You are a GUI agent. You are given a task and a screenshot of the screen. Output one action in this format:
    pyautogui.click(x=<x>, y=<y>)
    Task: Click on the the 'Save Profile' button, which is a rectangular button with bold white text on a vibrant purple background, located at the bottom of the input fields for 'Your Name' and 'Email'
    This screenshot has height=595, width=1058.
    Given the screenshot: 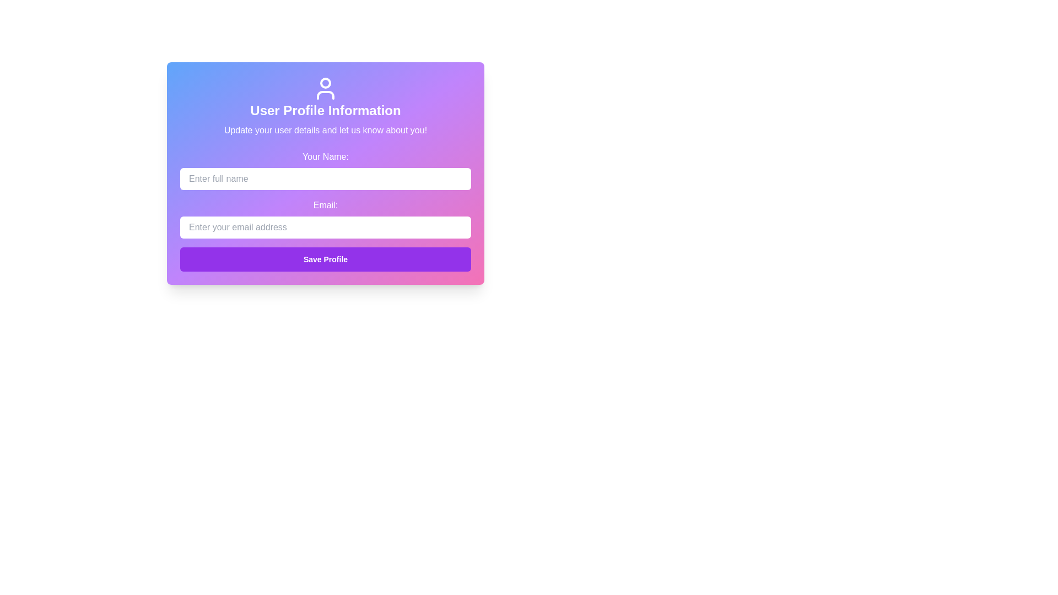 What is the action you would take?
    pyautogui.click(x=325, y=259)
    